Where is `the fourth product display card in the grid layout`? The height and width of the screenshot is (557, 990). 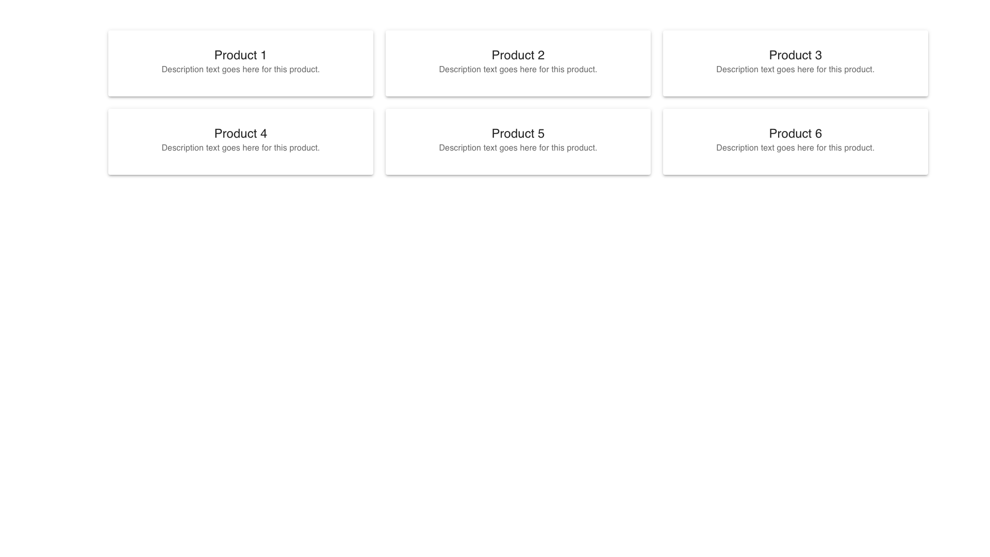 the fourth product display card in the grid layout is located at coordinates (240, 141).